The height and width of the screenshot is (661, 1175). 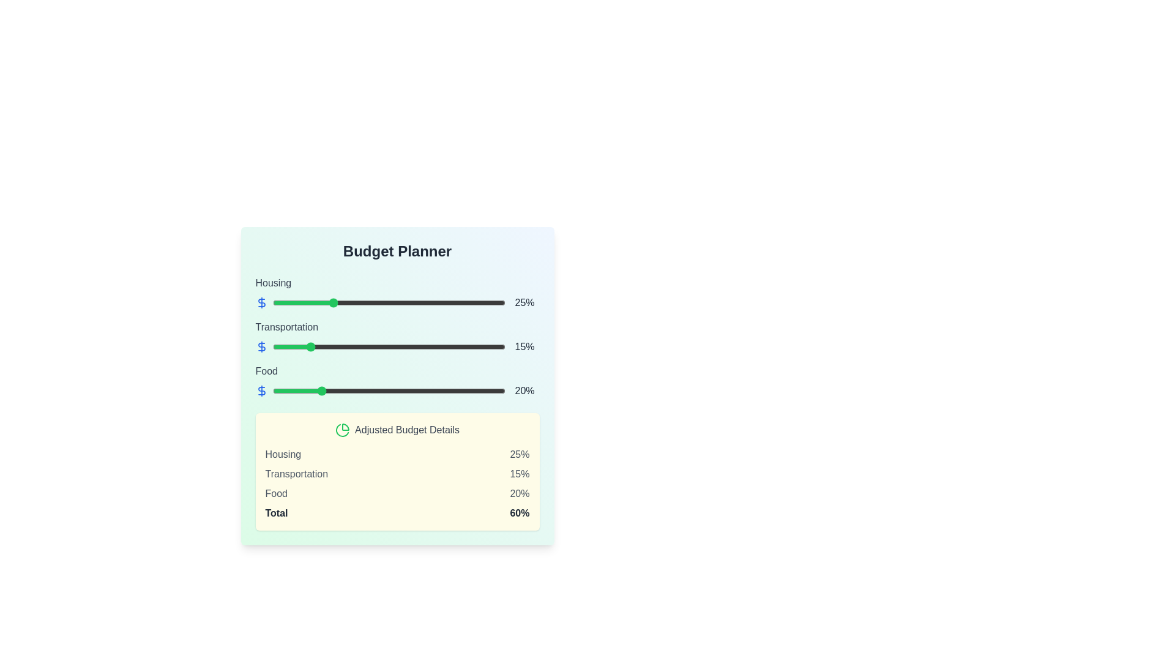 What do you see at coordinates (433, 391) in the screenshot?
I see `the food budget slider` at bounding box center [433, 391].